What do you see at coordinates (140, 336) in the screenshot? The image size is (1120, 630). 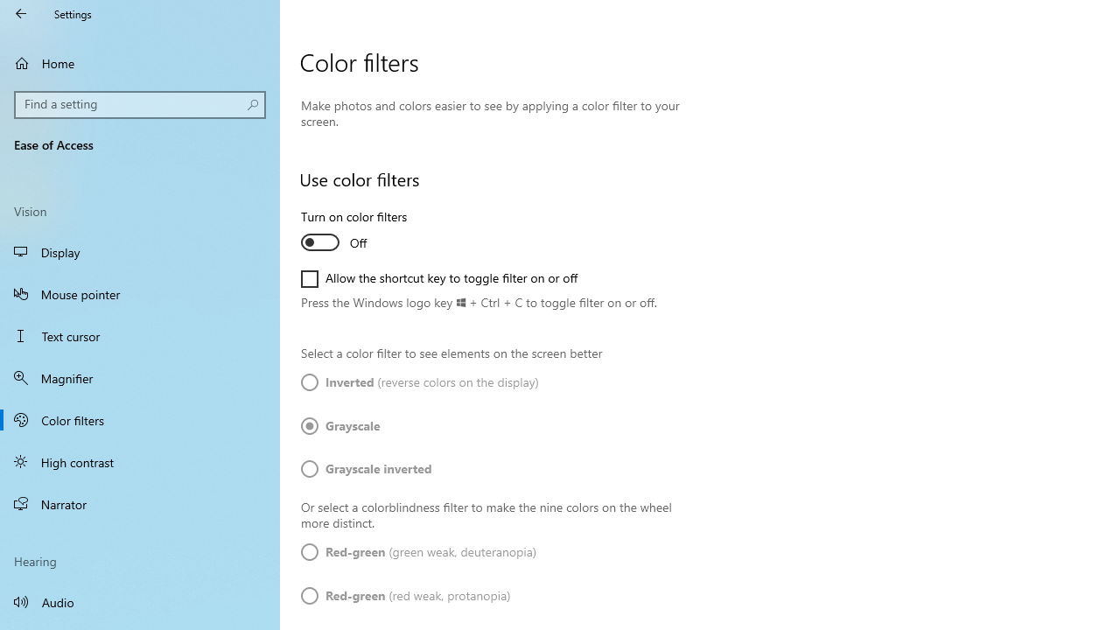 I see `'Text cursor'` at bounding box center [140, 336].